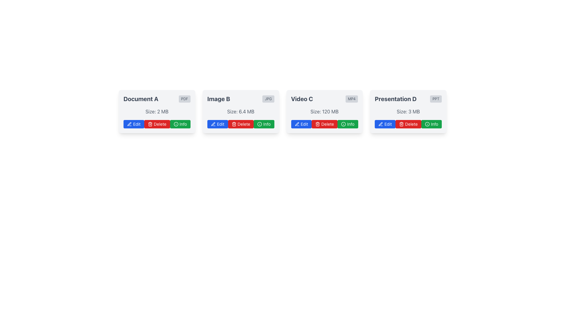 The height and width of the screenshot is (324, 577). I want to click on the rectangular badge with a light gray background displaying 'JPG' in gray font, located in the upper-right corner of the card labeled 'Image B', so click(268, 99).